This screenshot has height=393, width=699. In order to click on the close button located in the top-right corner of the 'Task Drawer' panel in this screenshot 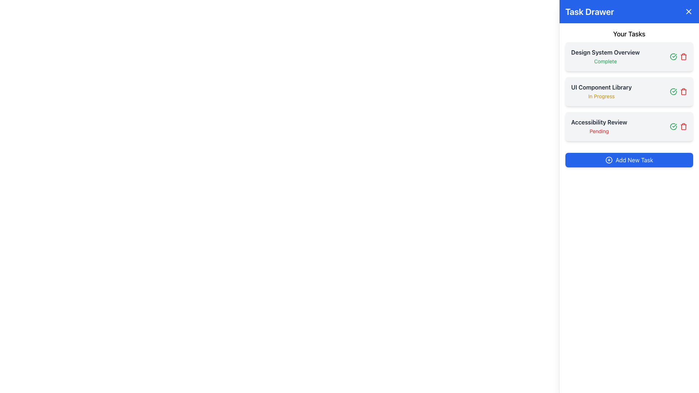, I will do `click(684, 14)`.